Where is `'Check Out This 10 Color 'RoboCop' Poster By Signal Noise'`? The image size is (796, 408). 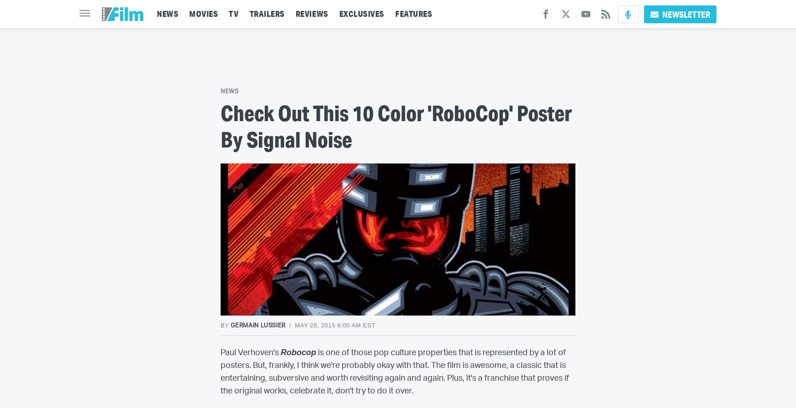 'Check Out This 10 Color 'RoboCop' Poster By Signal Noise' is located at coordinates (220, 125).